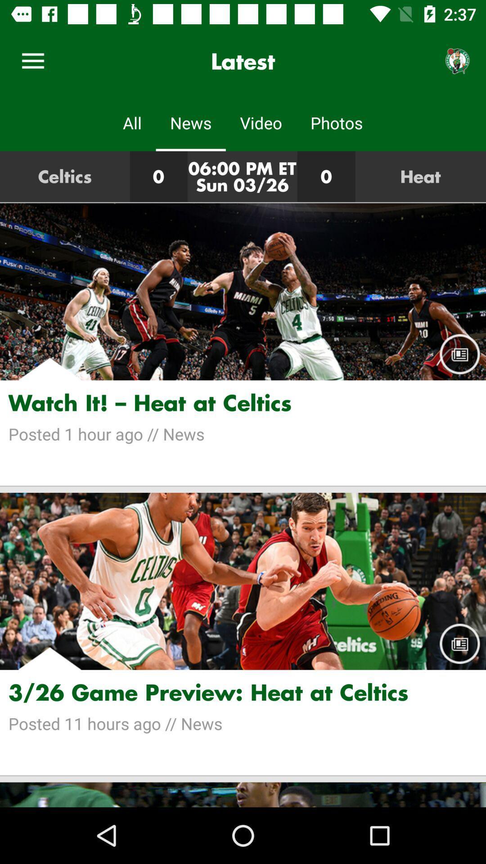 The height and width of the screenshot is (864, 486). Describe the element at coordinates (32, 61) in the screenshot. I see `the icon to the left of the latest item` at that location.